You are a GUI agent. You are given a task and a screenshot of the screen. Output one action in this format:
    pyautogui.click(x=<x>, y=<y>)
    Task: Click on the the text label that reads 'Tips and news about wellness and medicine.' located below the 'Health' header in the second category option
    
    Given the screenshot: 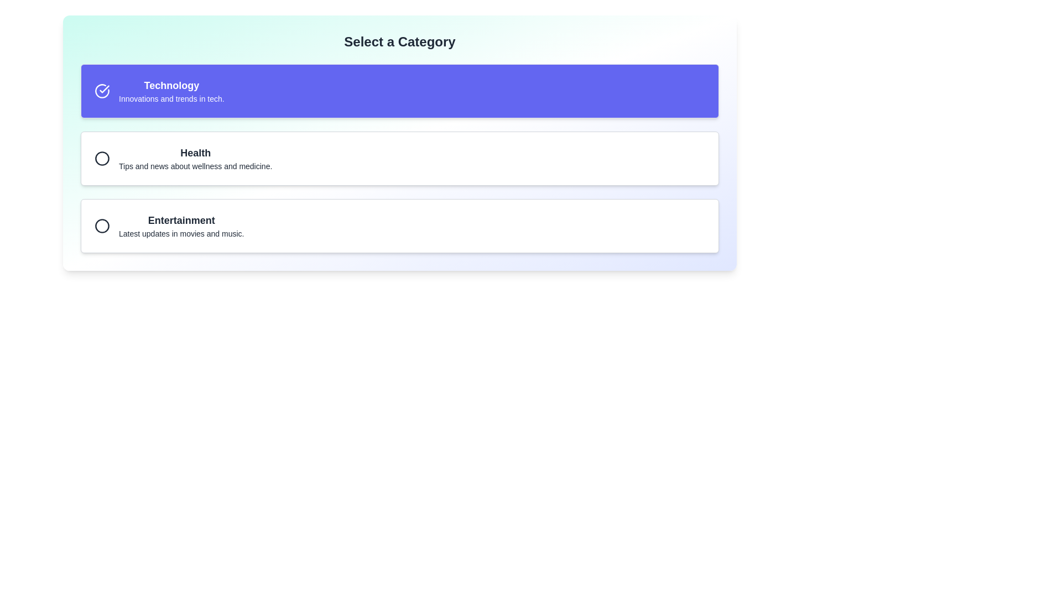 What is the action you would take?
    pyautogui.click(x=195, y=166)
    